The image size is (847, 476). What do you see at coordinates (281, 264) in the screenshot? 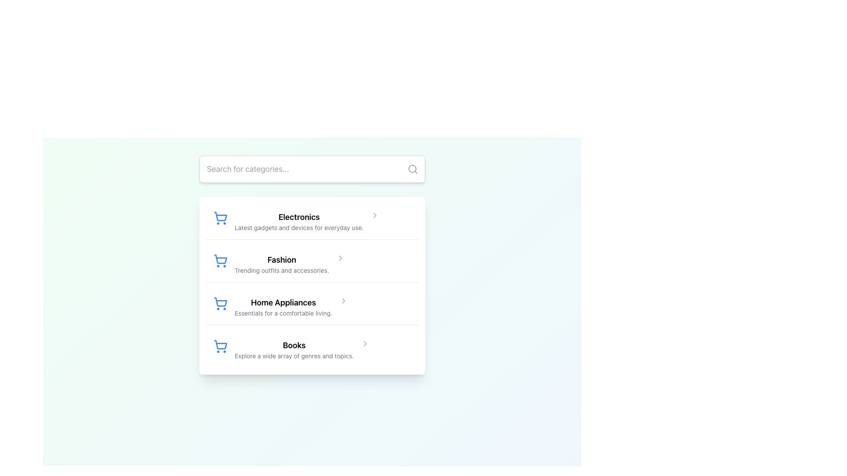
I see `text label for the 'Fashion' category, which is the second item in the vertical list, located between 'Electronics' and 'Home Appliances'` at bounding box center [281, 264].